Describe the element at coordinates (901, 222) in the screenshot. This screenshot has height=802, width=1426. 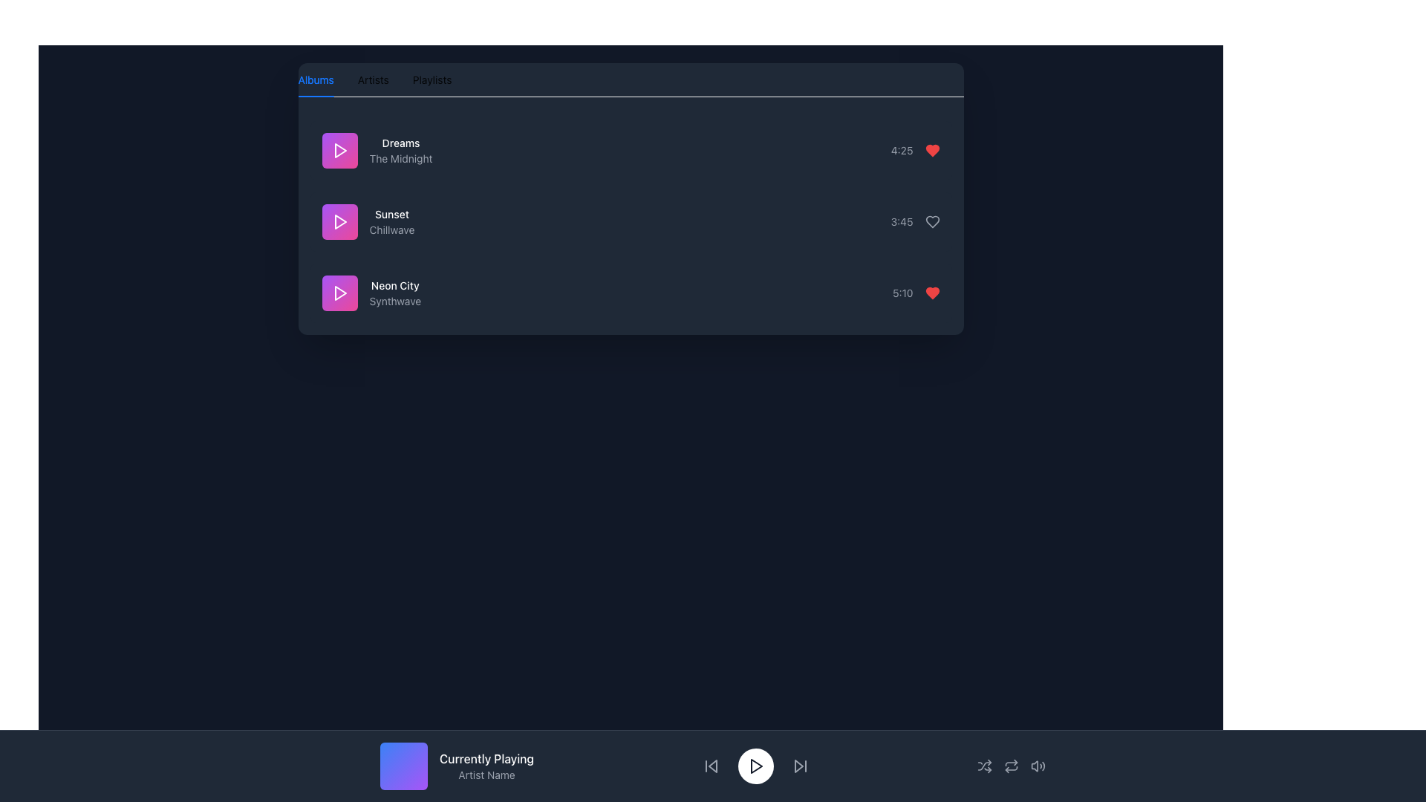
I see `the static text label indicating the playback duration of a specific track, located to the left of a heart-shaped icon in the middle track entry` at that location.